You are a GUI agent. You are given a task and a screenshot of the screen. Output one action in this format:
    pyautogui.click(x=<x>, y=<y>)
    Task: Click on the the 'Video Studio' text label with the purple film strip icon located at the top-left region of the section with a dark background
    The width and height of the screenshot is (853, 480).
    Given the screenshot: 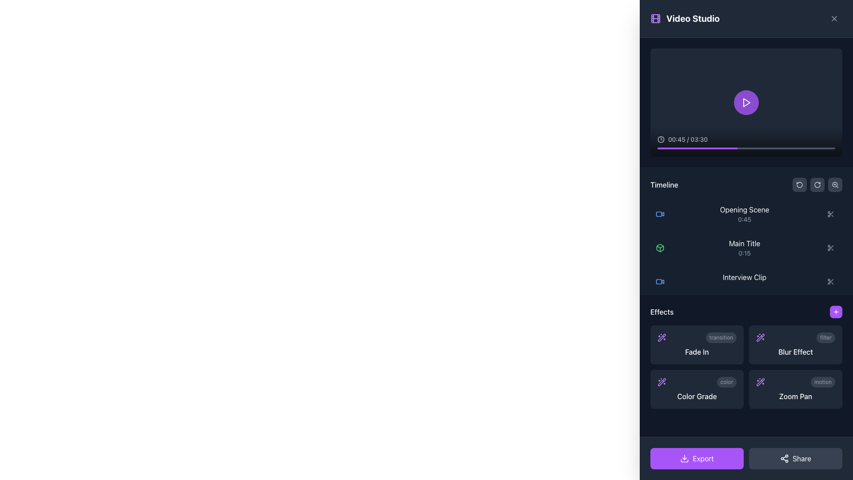 What is the action you would take?
    pyautogui.click(x=684, y=19)
    